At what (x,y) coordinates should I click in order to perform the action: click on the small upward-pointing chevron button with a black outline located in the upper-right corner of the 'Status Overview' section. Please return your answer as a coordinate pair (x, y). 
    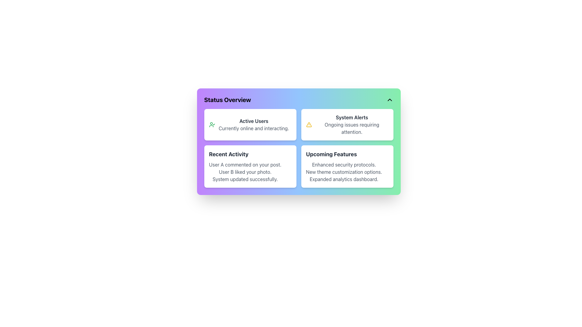
    Looking at the image, I should click on (390, 100).